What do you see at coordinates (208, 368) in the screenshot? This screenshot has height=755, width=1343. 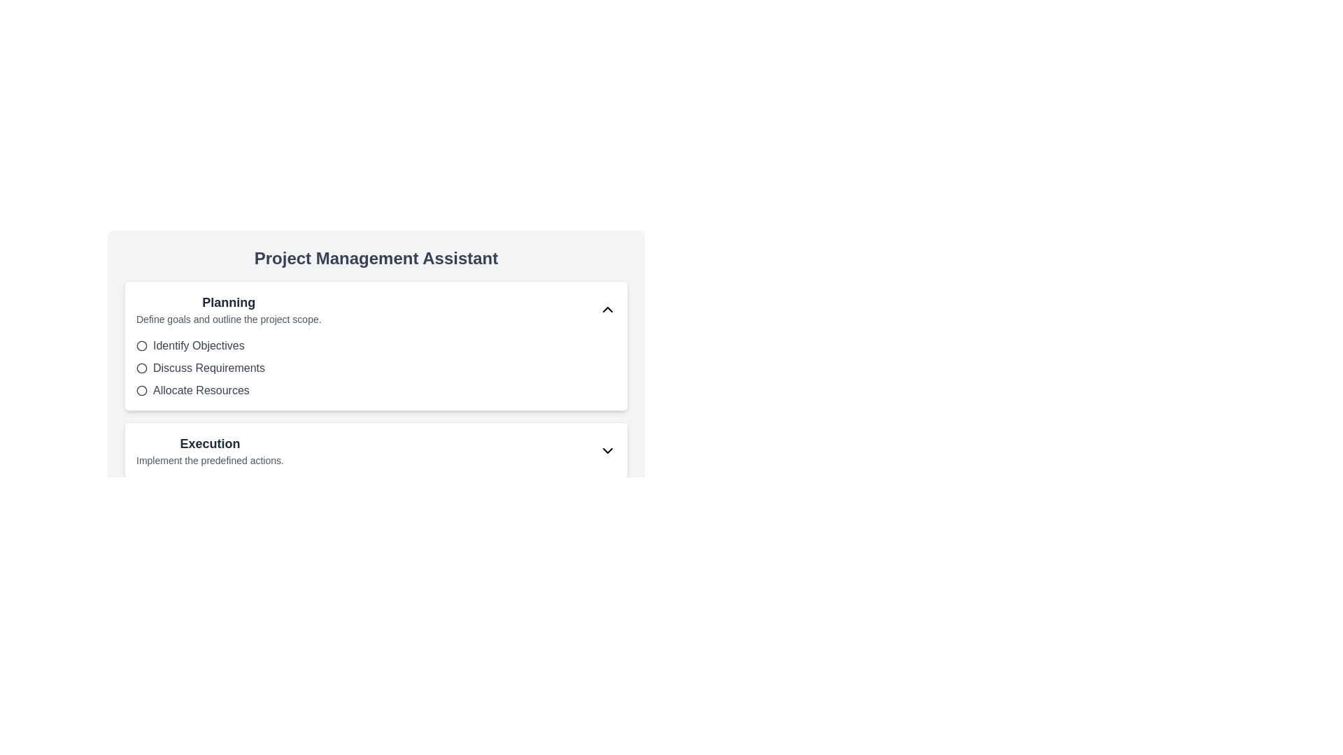 I see `the selectable text label for the task 'Discuss Requirements' in the 'Planning' section` at bounding box center [208, 368].